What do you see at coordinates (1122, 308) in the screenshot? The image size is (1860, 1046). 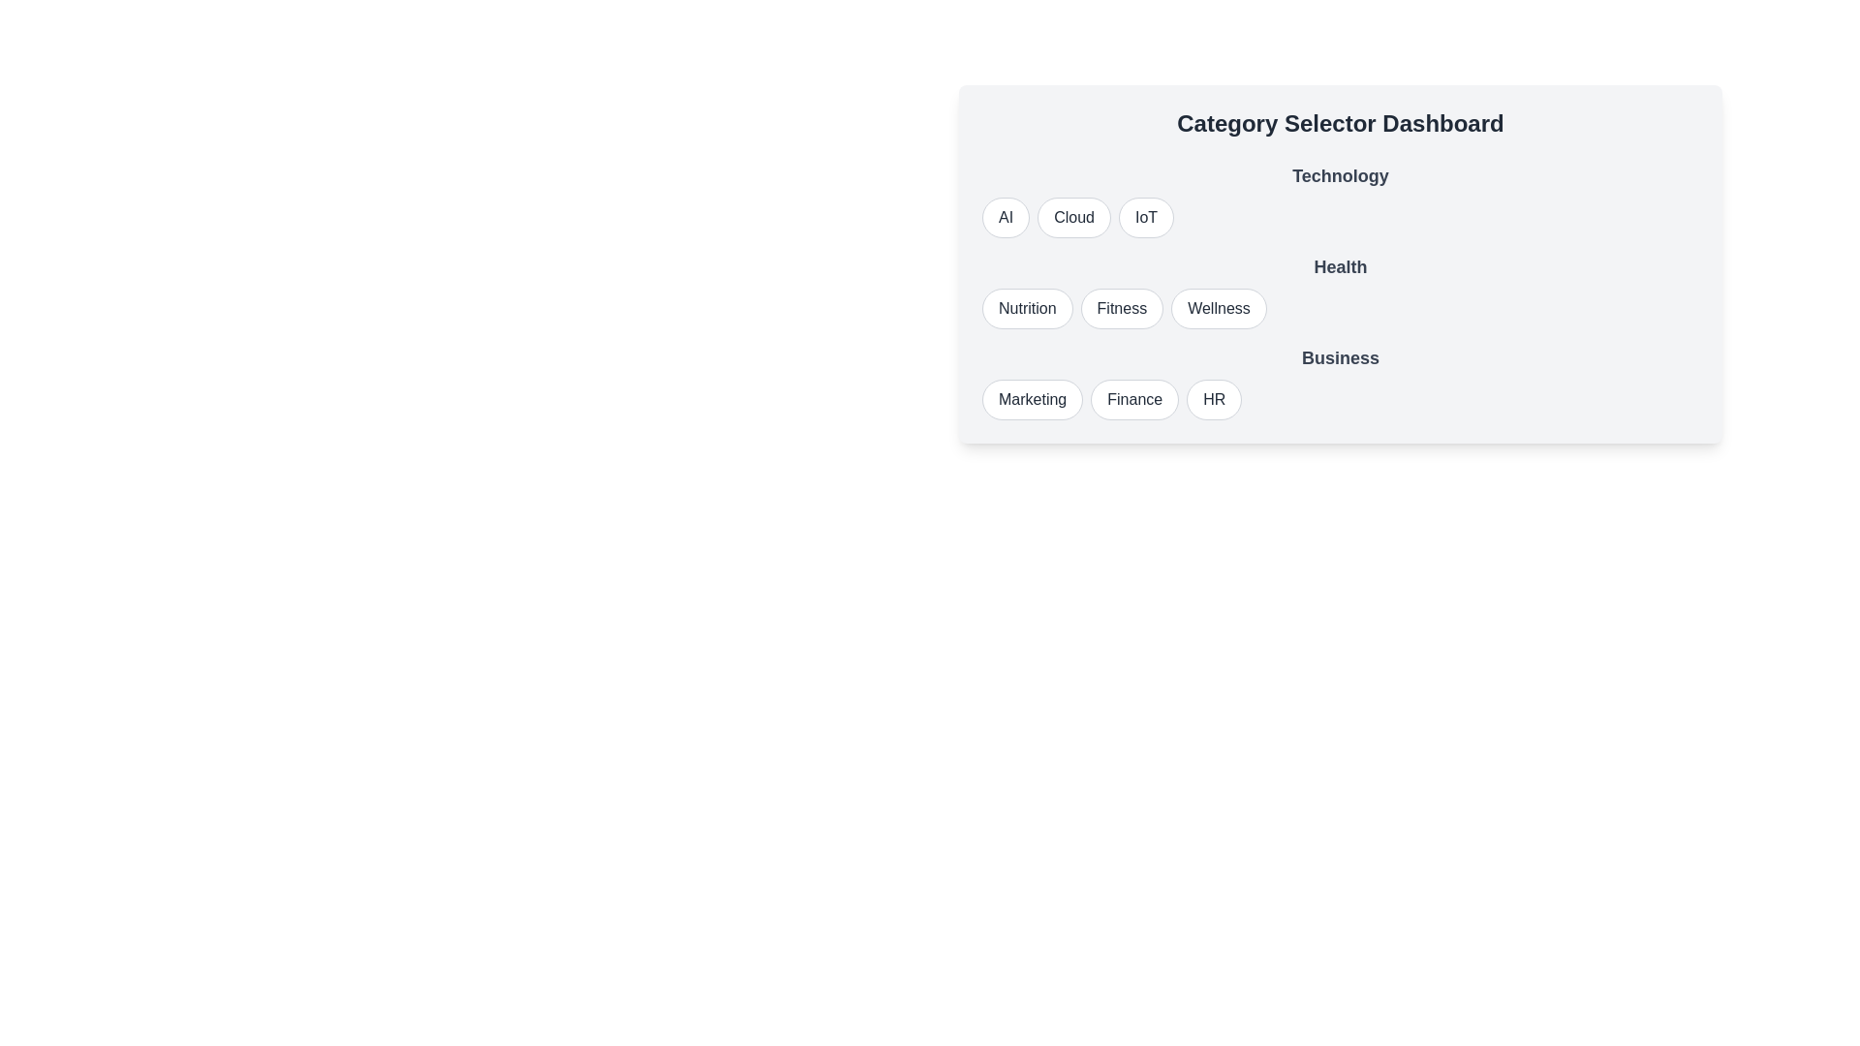 I see `the option Fitness from the category Health` at bounding box center [1122, 308].